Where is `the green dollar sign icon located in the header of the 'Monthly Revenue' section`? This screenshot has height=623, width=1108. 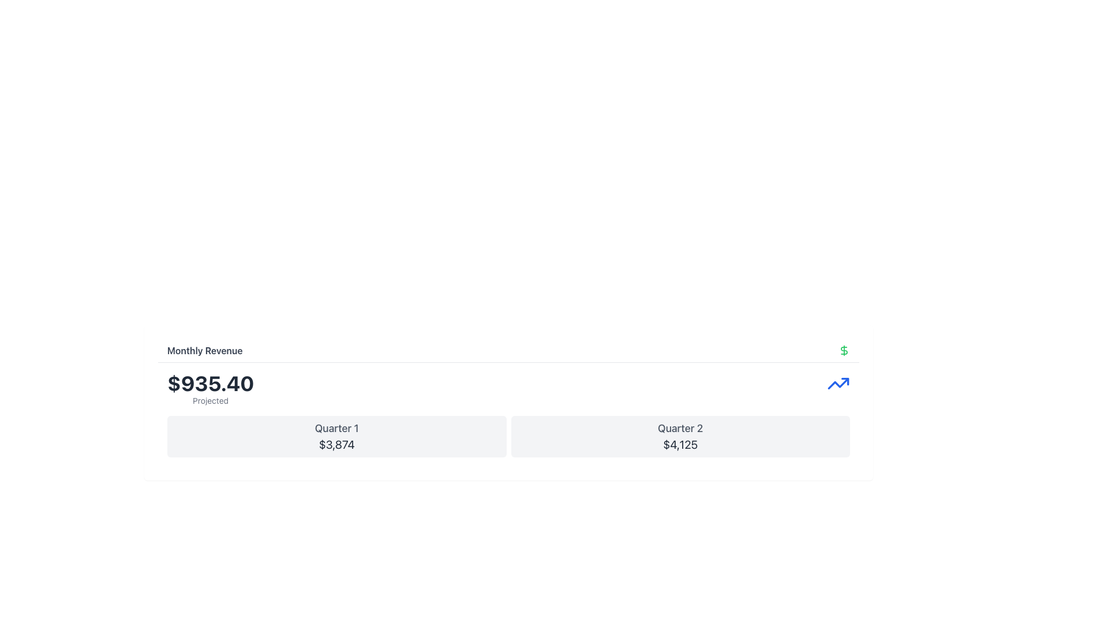 the green dollar sign icon located in the header of the 'Monthly Revenue' section is located at coordinates (844, 350).